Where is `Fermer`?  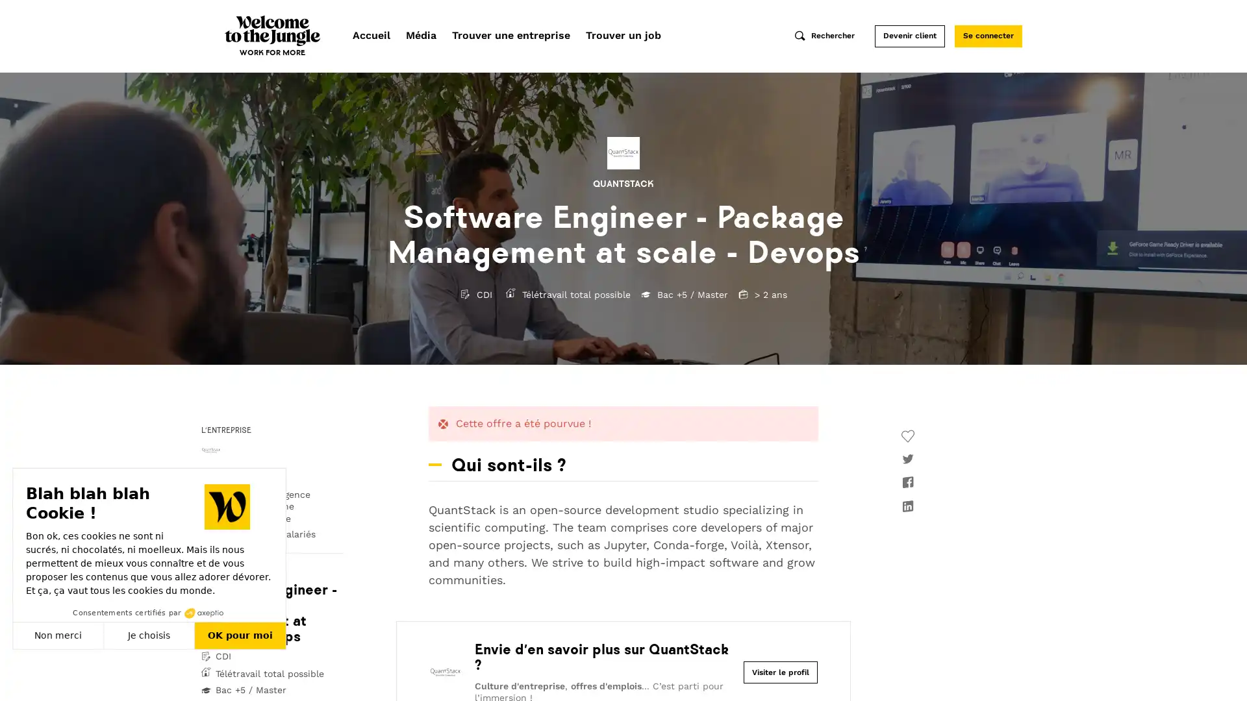
Fermer is located at coordinates (25, 678).